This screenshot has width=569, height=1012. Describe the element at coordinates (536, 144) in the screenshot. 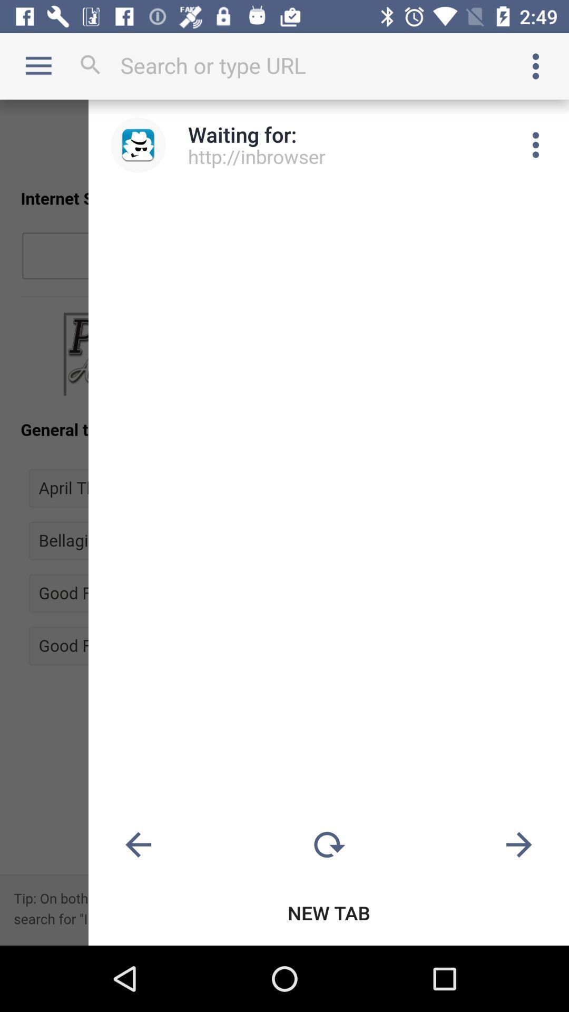

I see `the icon next to the http://inbrowser` at that location.